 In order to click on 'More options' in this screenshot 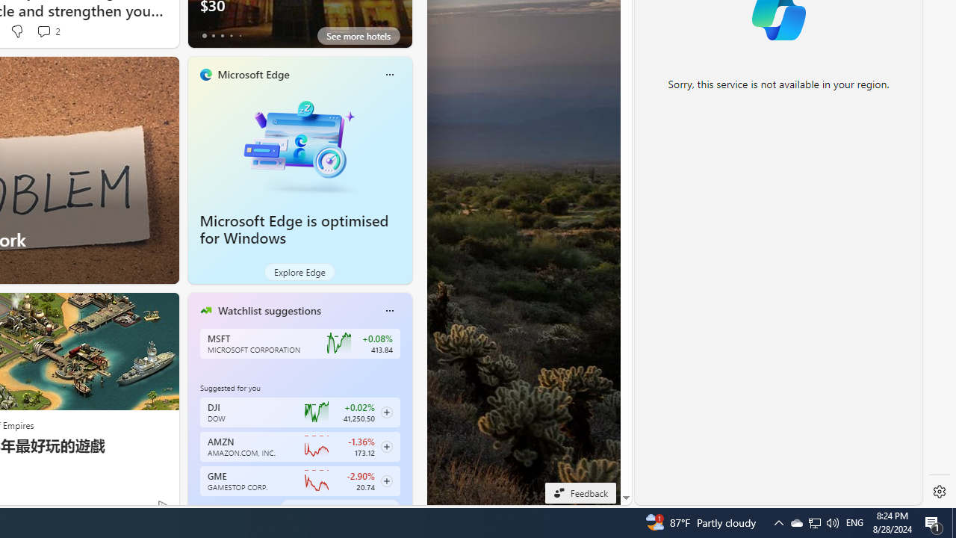, I will do `click(389, 309)`.